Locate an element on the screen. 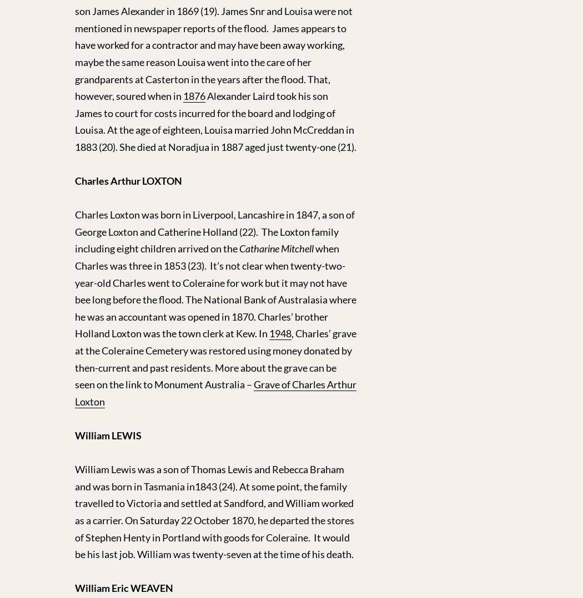  'William Lewis was a son of Thomas Lewis and Rebecca Braham and was born in Tasmania in1843 (24). At some point, the family travelled to Victoria and settled at Sandford, and William worked as a carrier. On Saturday 22 October 1870, he departed the stores of Stephen Henty in Portland with goods for Coleraine.  It would be his last job. William was twenty-seven at the time of his death.' is located at coordinates (214, 511).